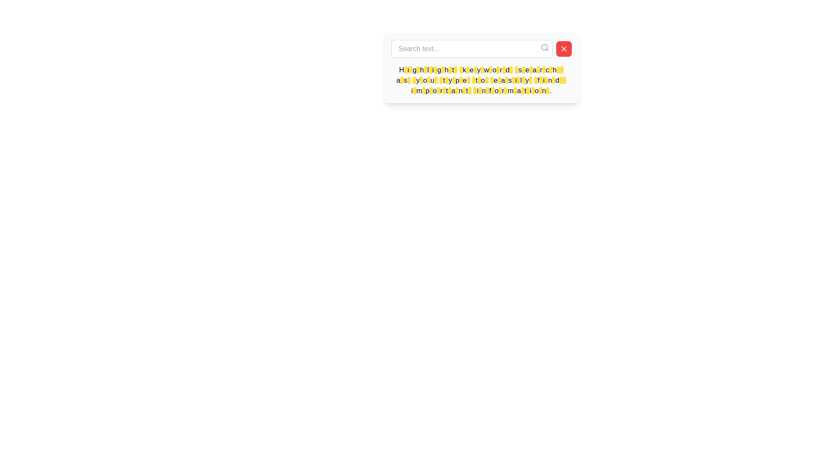  What do you see at coordinates (408, 80) in the screenshot?
I see `the highlighting decorative element that indicates the highlighted section of text adjacent to the phrase 'as you' in the description text` at bounding box center [408, 80].